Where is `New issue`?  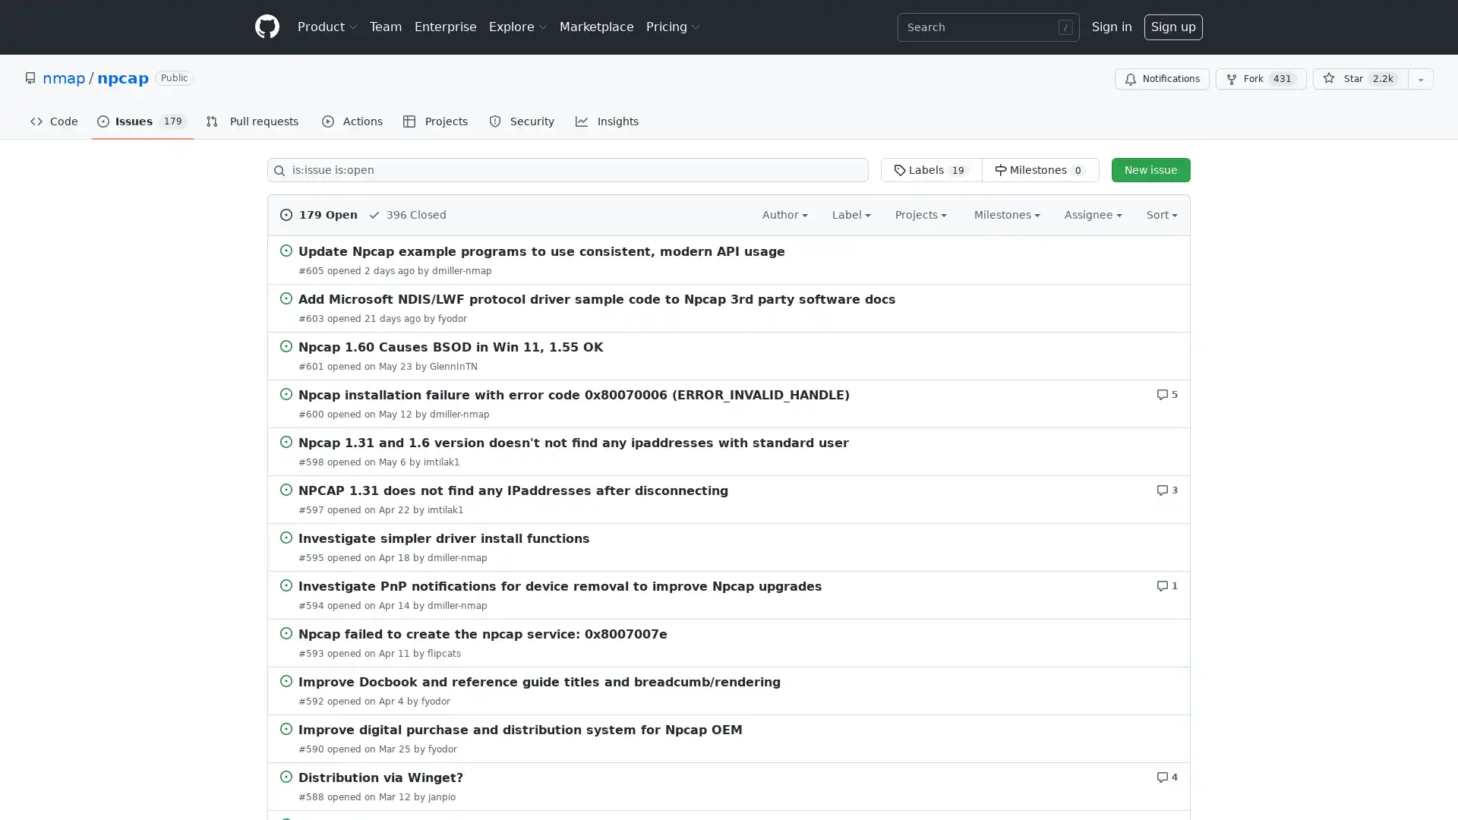
New issue is located at coordinates (1151, 169).